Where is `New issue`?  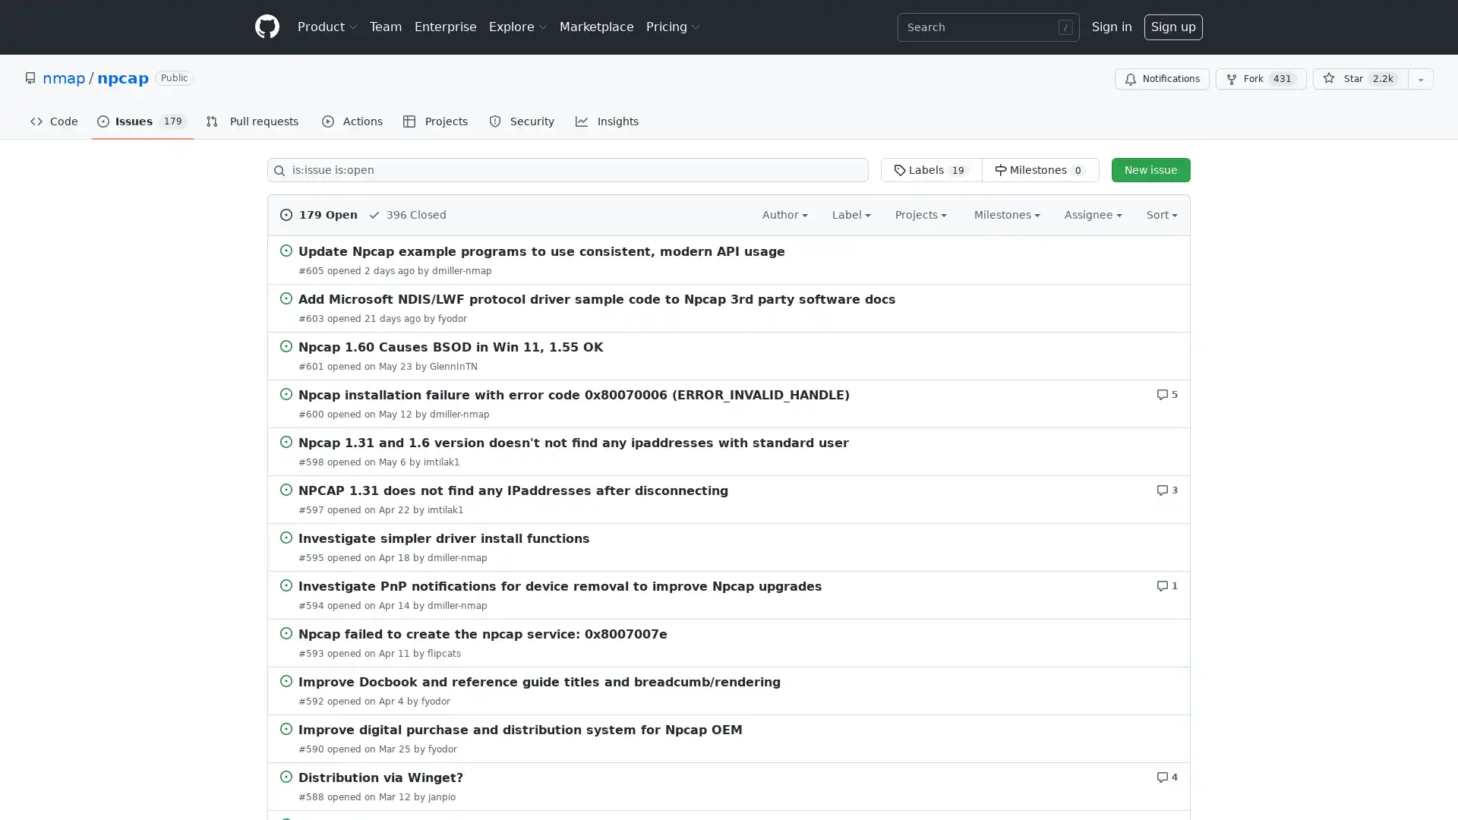
New issue is located at coordinates (1151, 169).